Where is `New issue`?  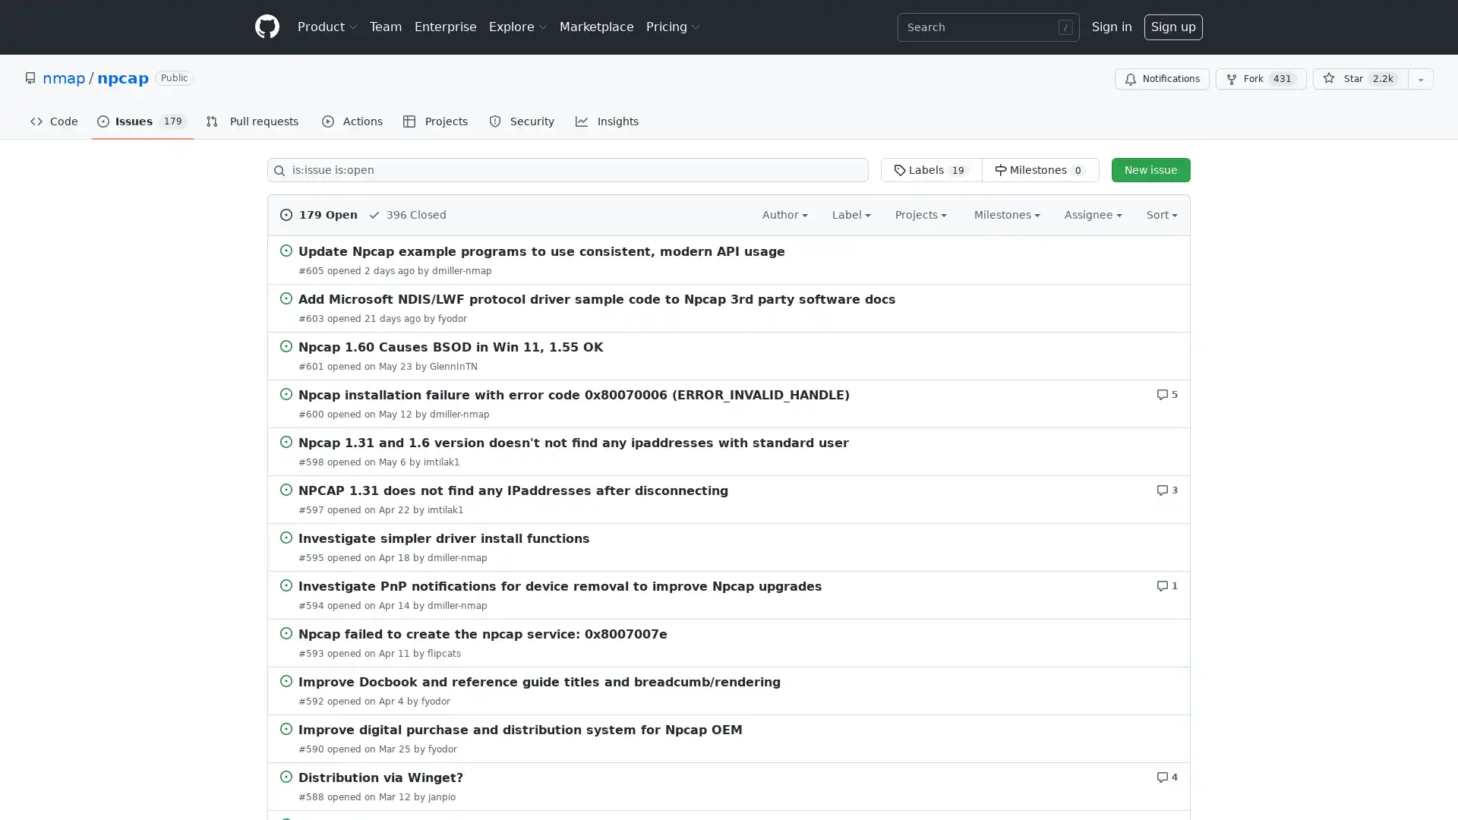
New issue is located at coordinates (1151, 169).